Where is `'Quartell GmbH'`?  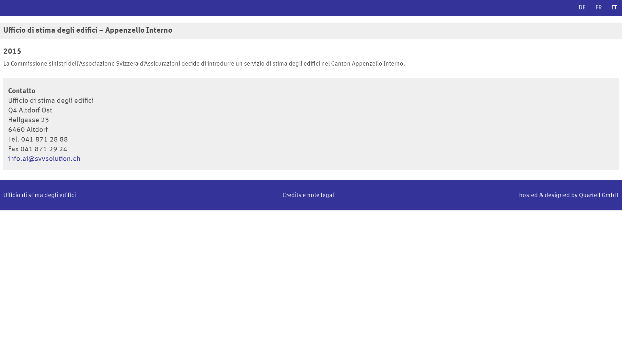 'Quartell GmbH' is located at coordinates (598, 195).